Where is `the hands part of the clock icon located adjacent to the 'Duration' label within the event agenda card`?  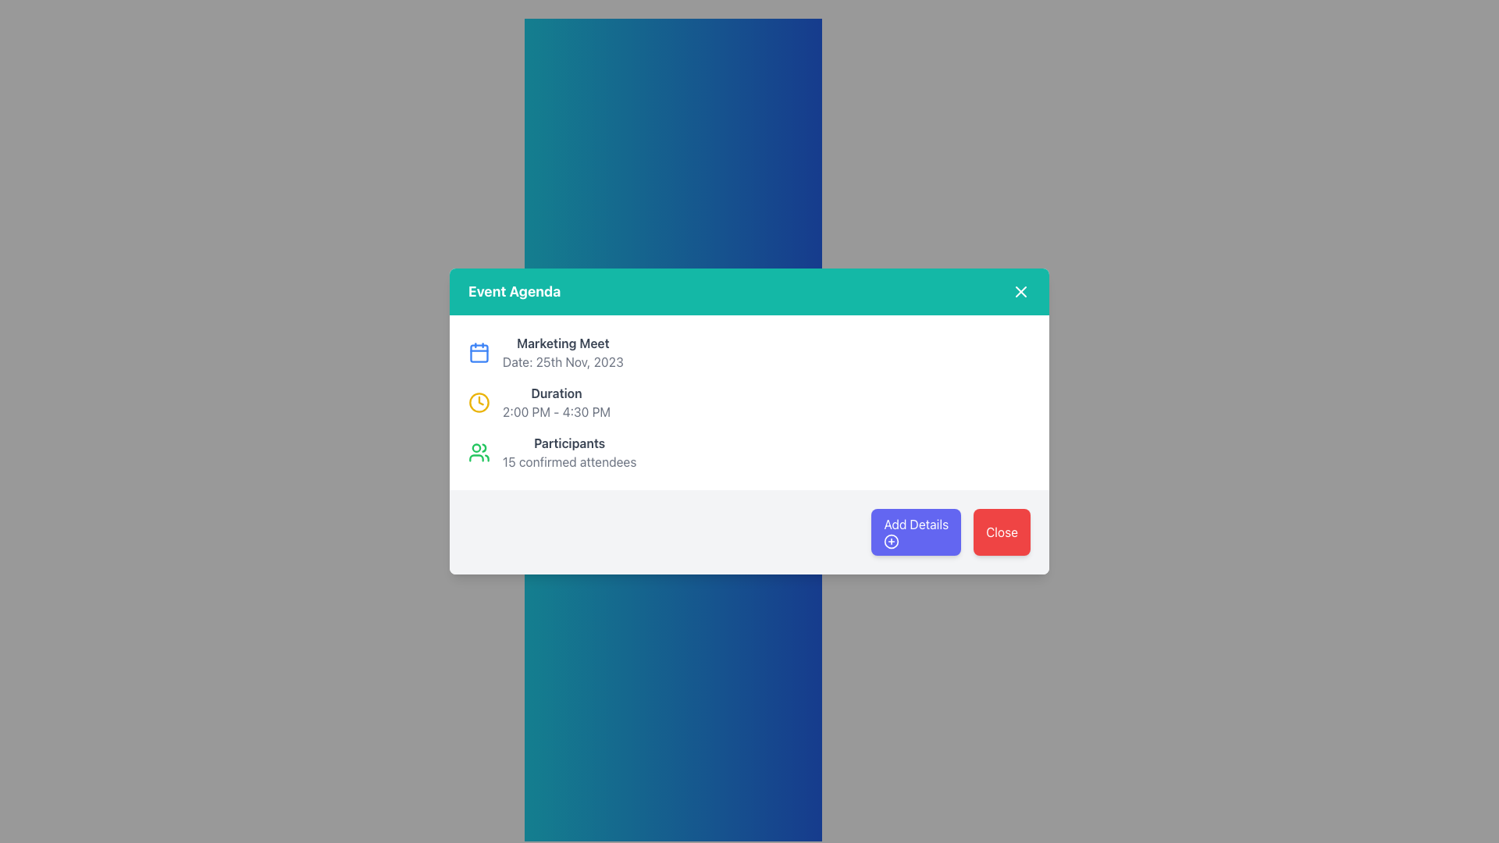 the hands part of the clock icon located adjacent to the 'Duration' label within the event agenda card is located at coordinates (480, 400).